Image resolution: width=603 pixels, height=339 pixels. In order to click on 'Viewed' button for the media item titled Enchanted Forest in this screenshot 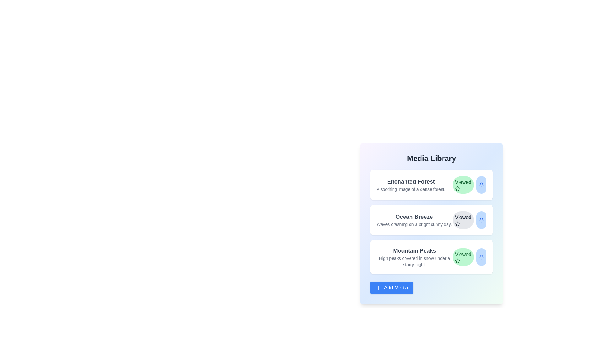, I will do `click(463, 185)`.